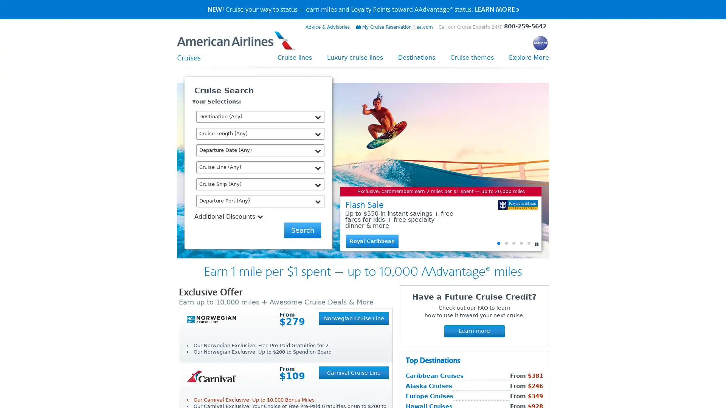 The height and width of the screenshot is (408, 726). Describe the element at coordinates (501, 111) in the screenshot. I see `Close` at that location.